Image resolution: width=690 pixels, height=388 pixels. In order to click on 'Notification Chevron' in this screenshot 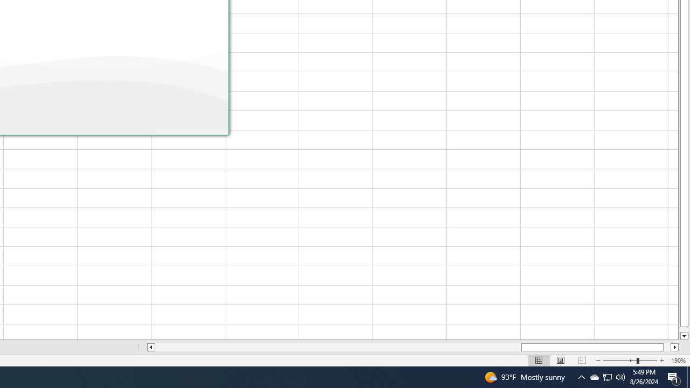, I will do `click(581, 376)`.